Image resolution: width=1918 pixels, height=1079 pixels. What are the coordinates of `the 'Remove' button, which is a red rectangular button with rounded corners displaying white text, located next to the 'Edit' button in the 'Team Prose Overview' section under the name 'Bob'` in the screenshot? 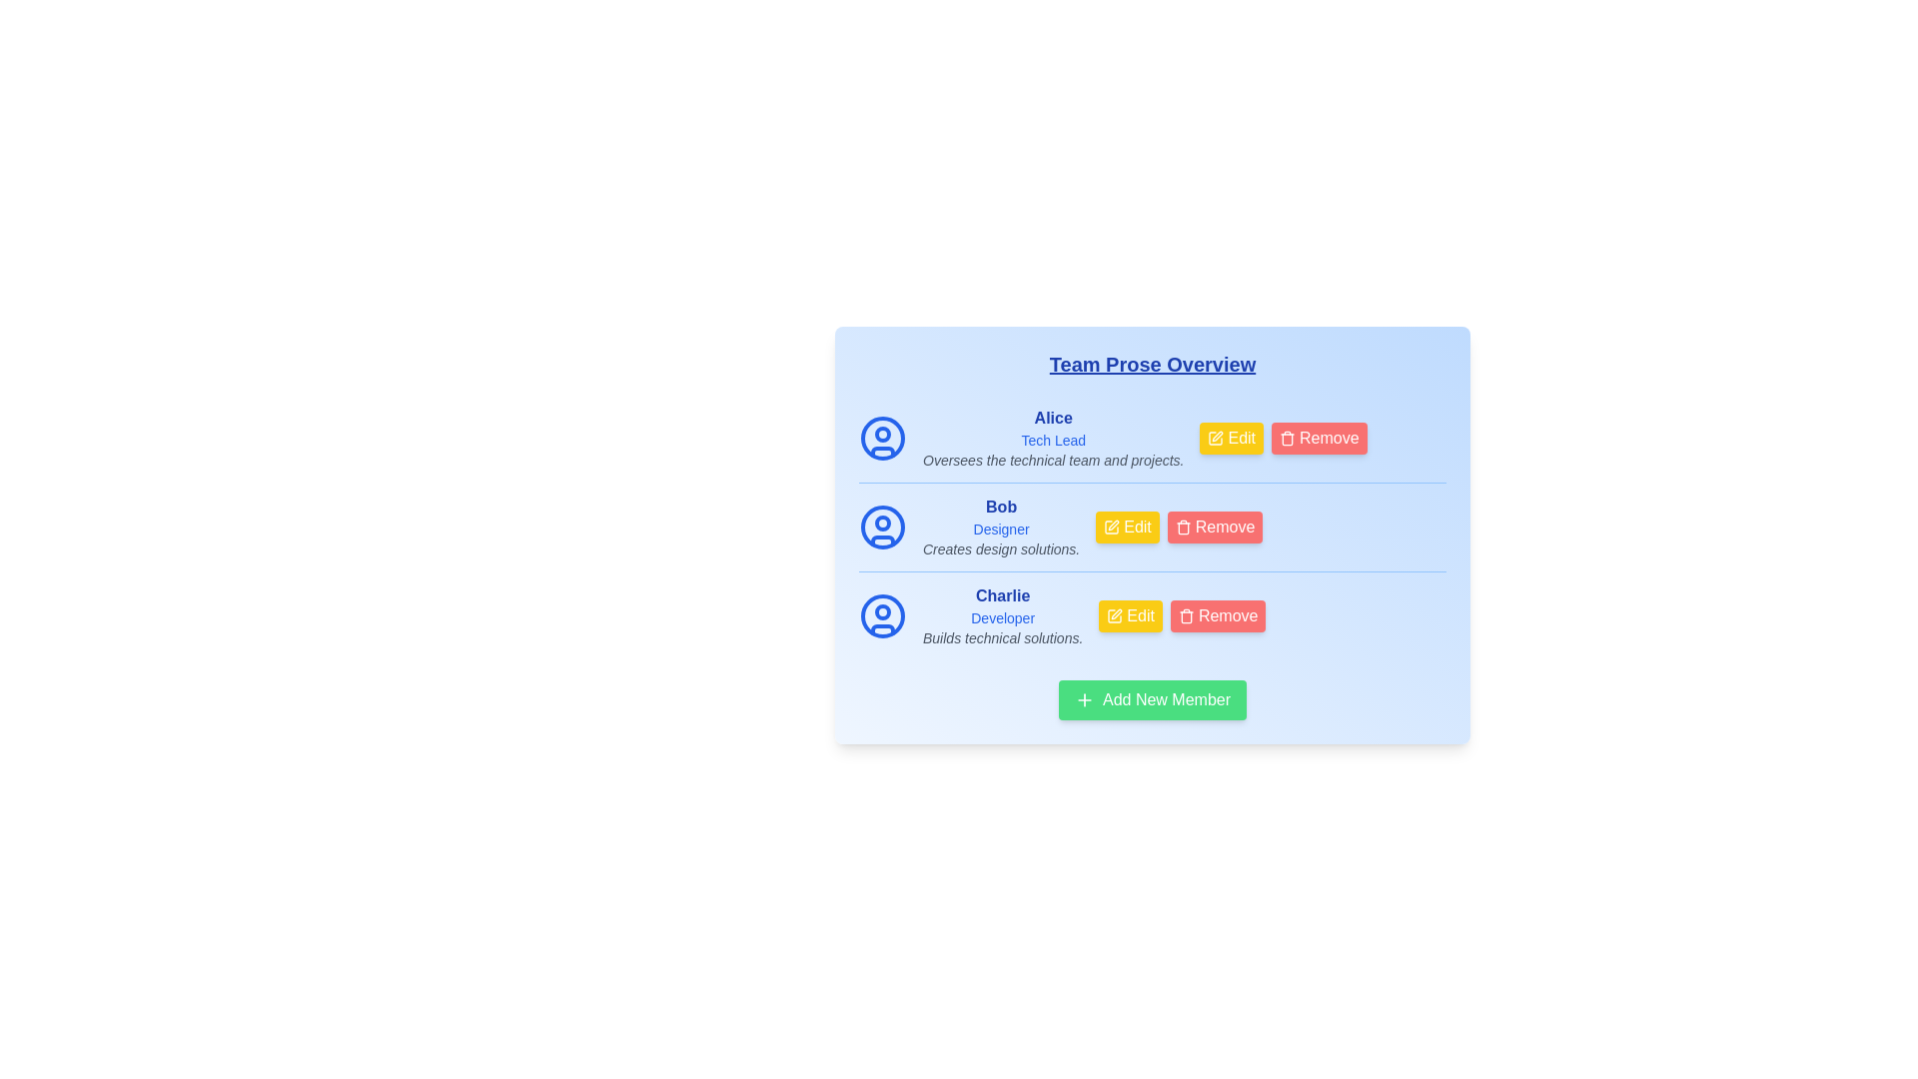 It's located at (1222, 527).